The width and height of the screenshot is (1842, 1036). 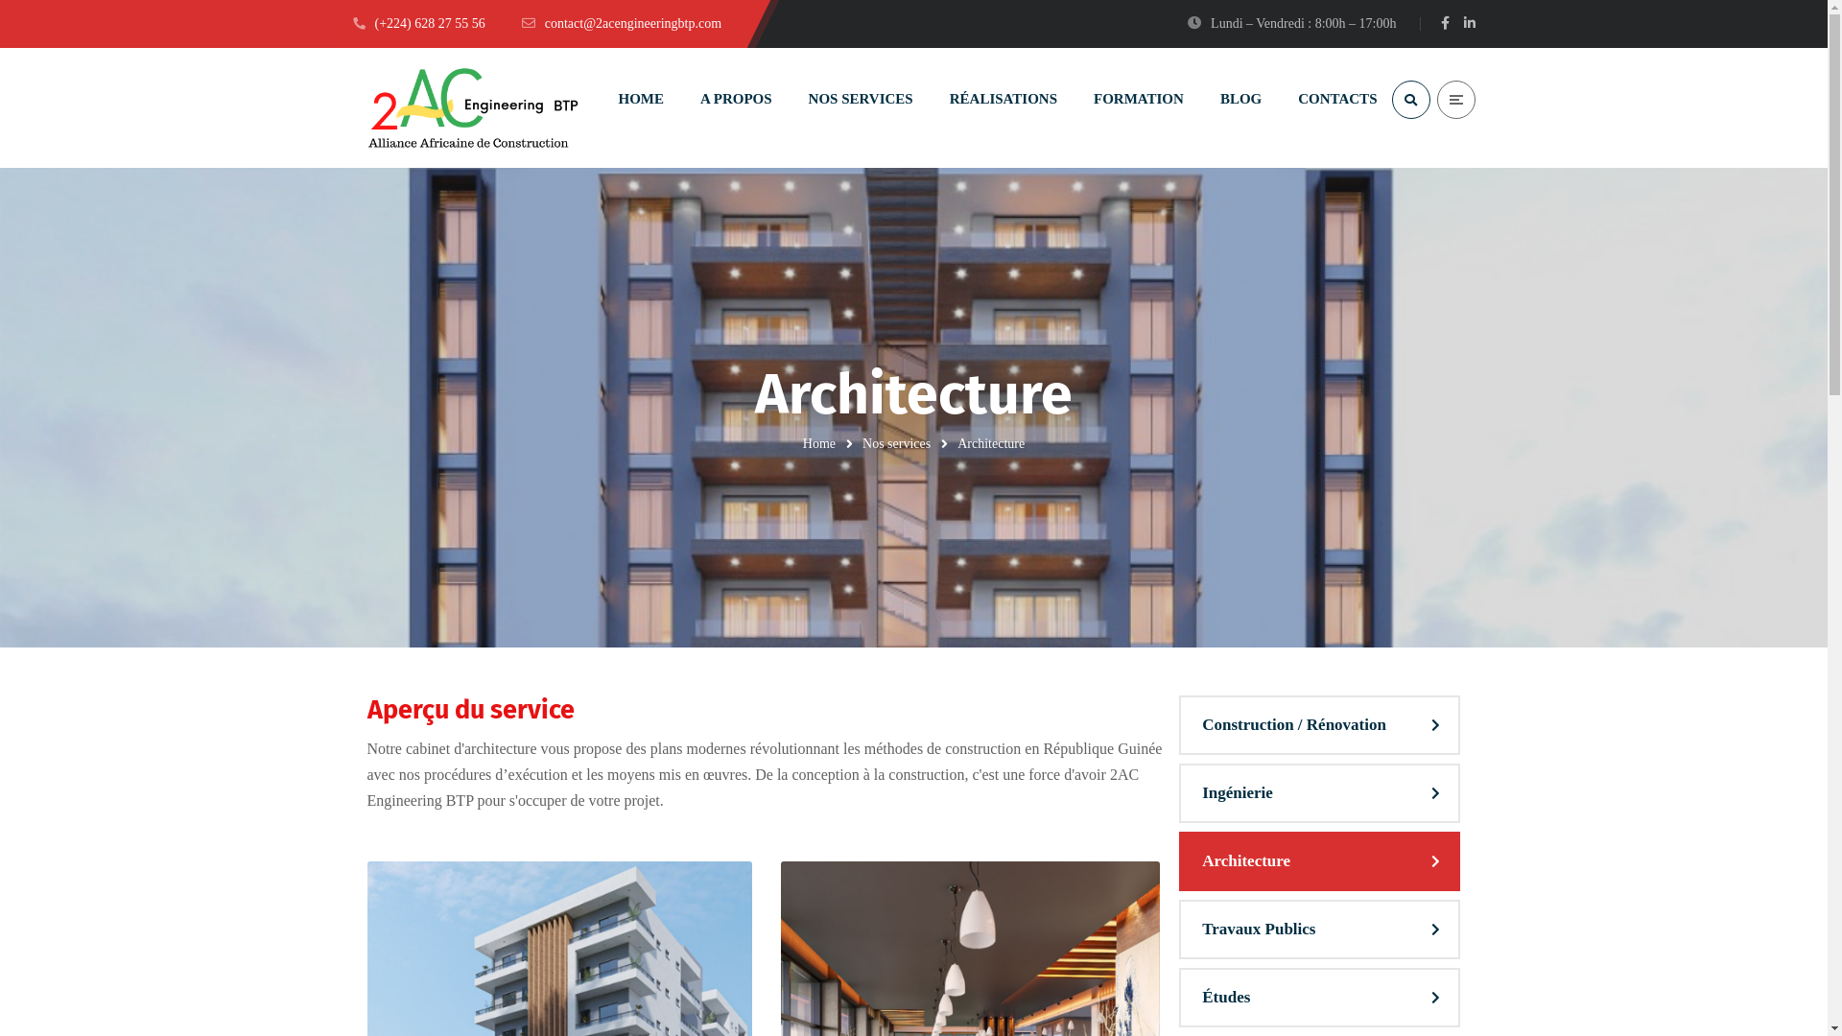 I want to click on 'FORMATION', so click(x=1138, y=99).